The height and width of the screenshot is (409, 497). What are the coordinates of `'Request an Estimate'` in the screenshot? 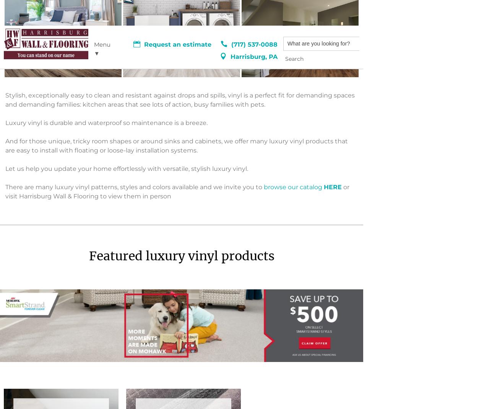 It's located at (179, 318).